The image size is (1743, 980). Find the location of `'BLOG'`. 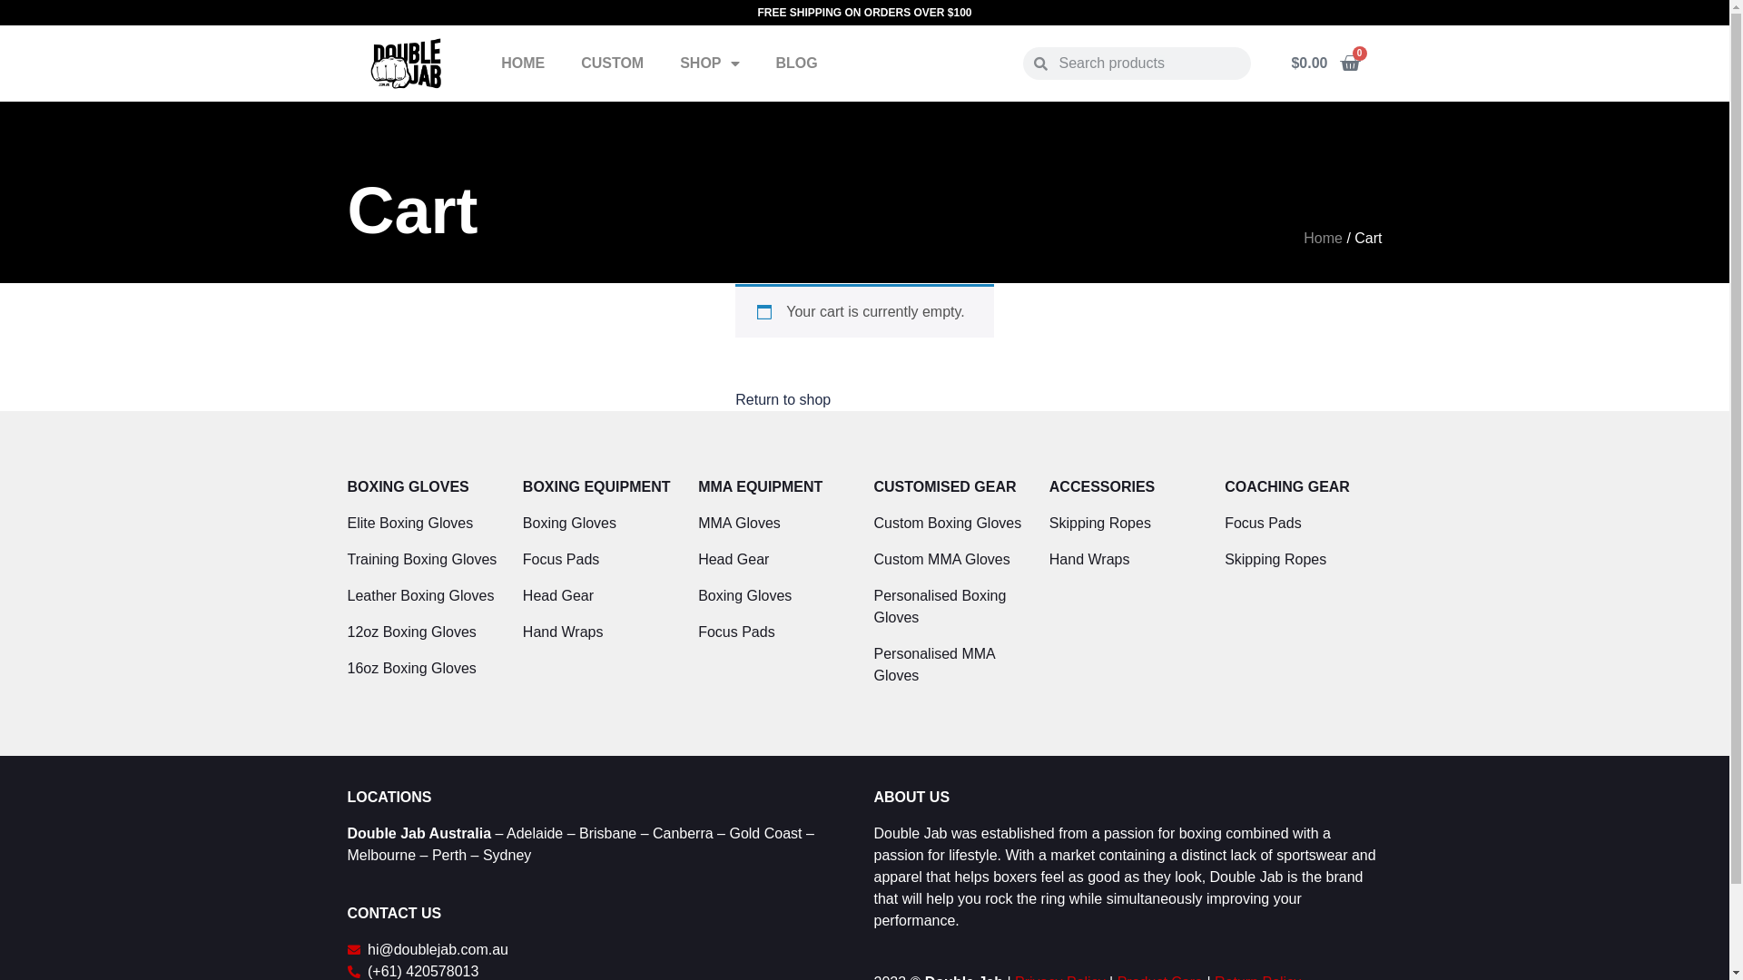

'BLOG' is located at coordinates (797, 62).